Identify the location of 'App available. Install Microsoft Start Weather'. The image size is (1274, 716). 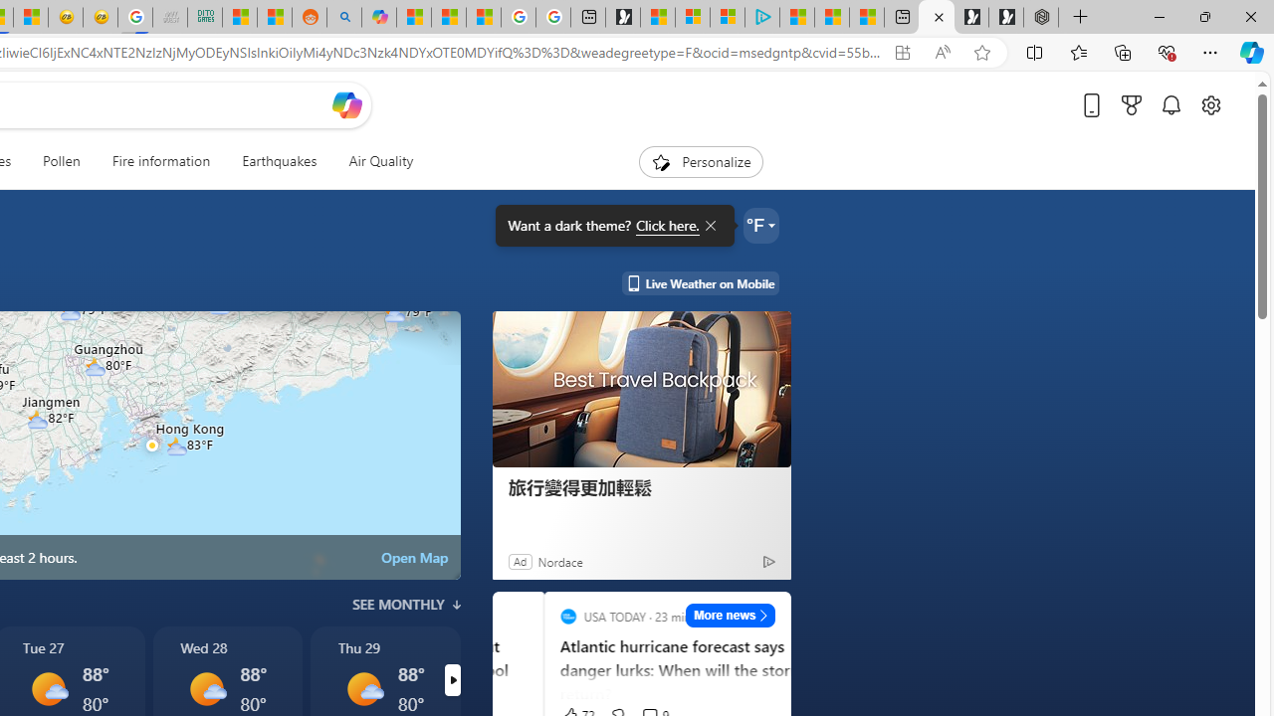
(901, 52).